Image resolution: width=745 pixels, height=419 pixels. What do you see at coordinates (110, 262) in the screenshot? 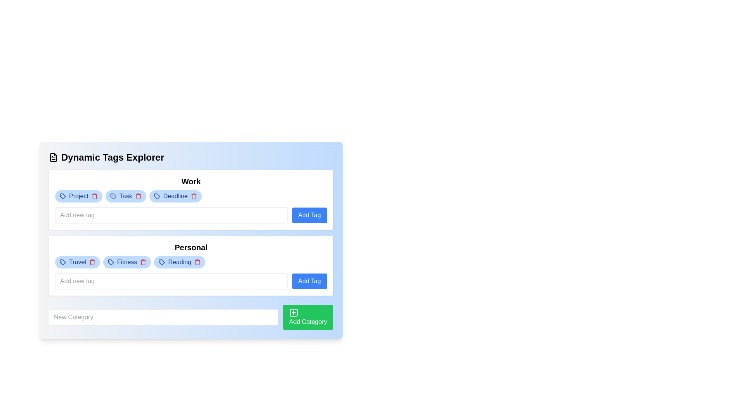
I see `the 'Fitness' icon located within the 'Personal' section, positioned` at bounding box center [110, 262].